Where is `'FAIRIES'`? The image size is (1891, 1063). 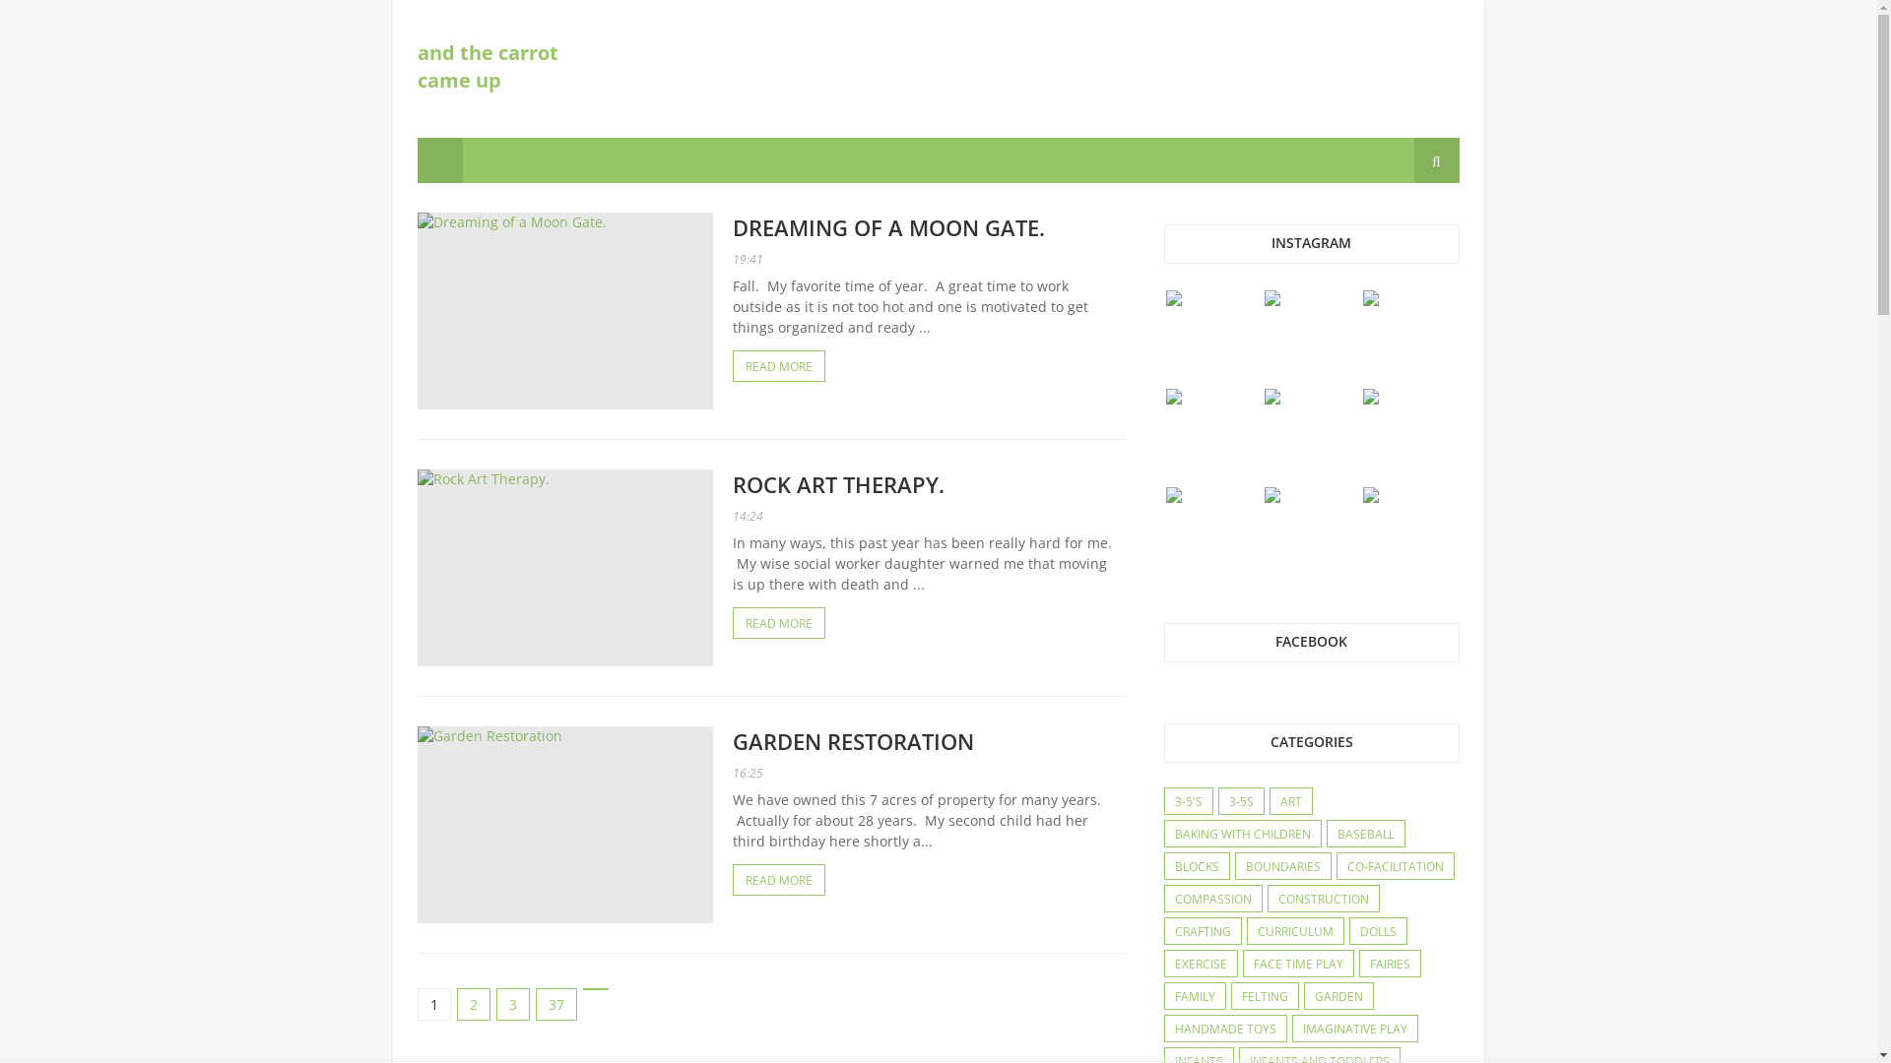 'FAIRIES' is located at coordinates (1358, 963).